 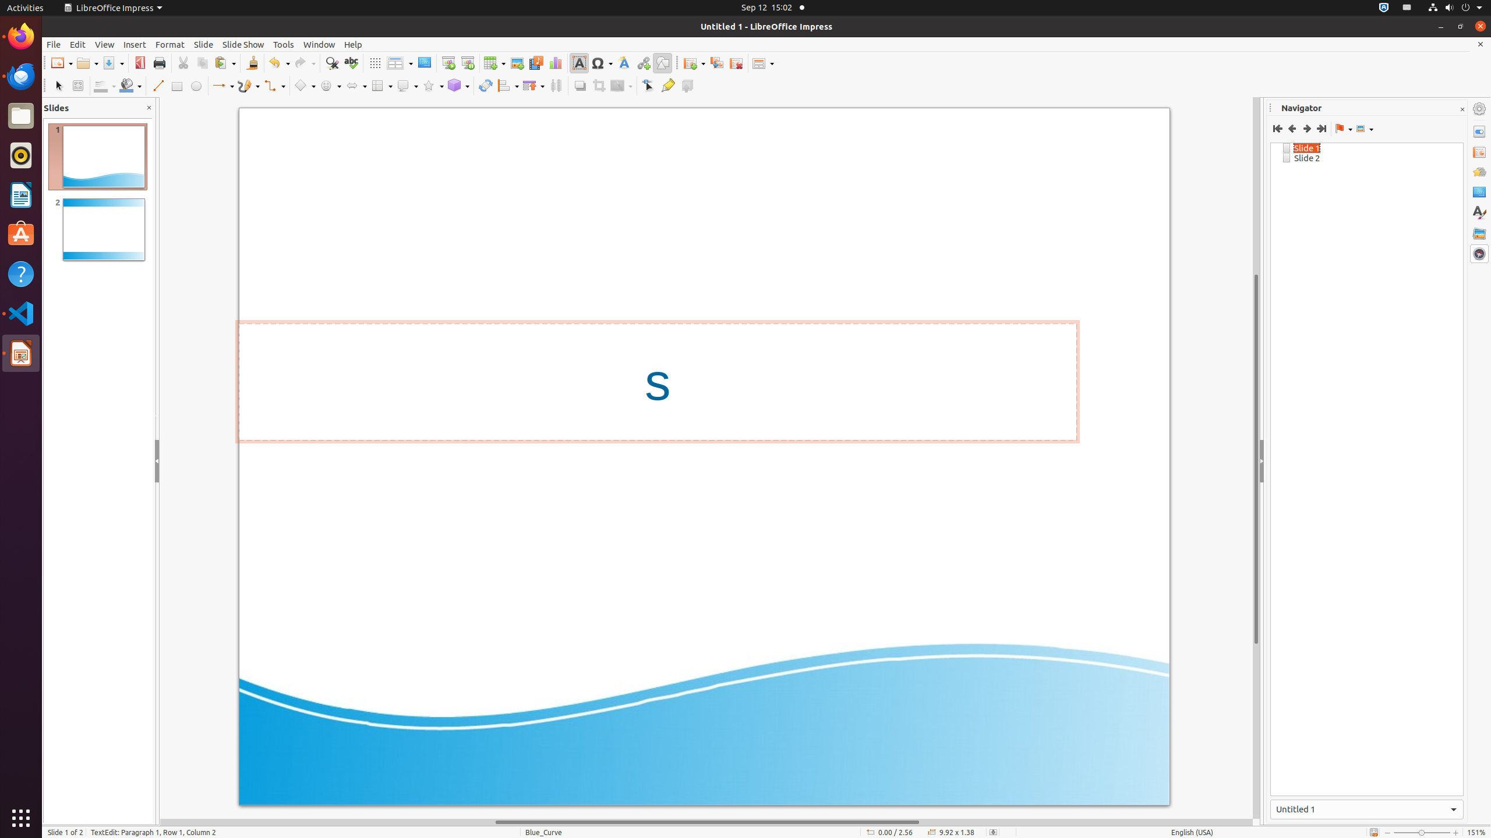 What do you see at coordinates (176, 85) in the screenshot?
I see `'Rectangle'` at bounding box center [176, 85].